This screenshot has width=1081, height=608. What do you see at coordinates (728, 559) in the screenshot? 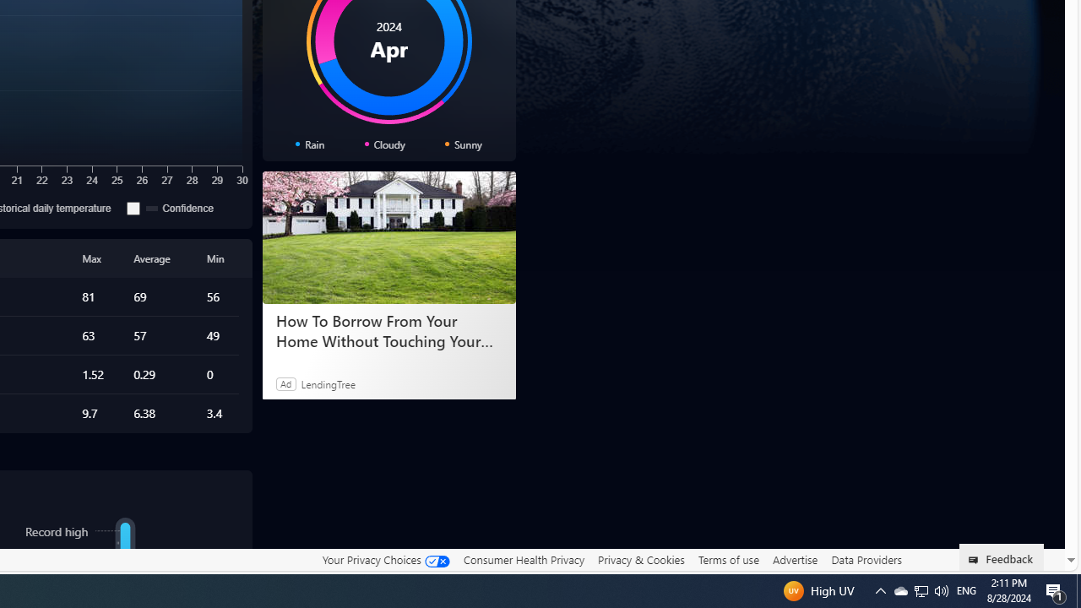
I see `'Terms of use'` at bounding box center [728, 559].